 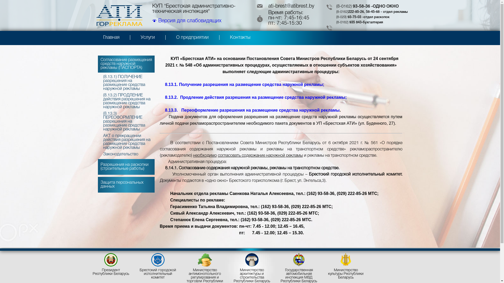 What do you see at coordinates (285, 6) in the screenshot?
I see `'ati-brest@atibrest.by'` at bounding box center [285, 6].